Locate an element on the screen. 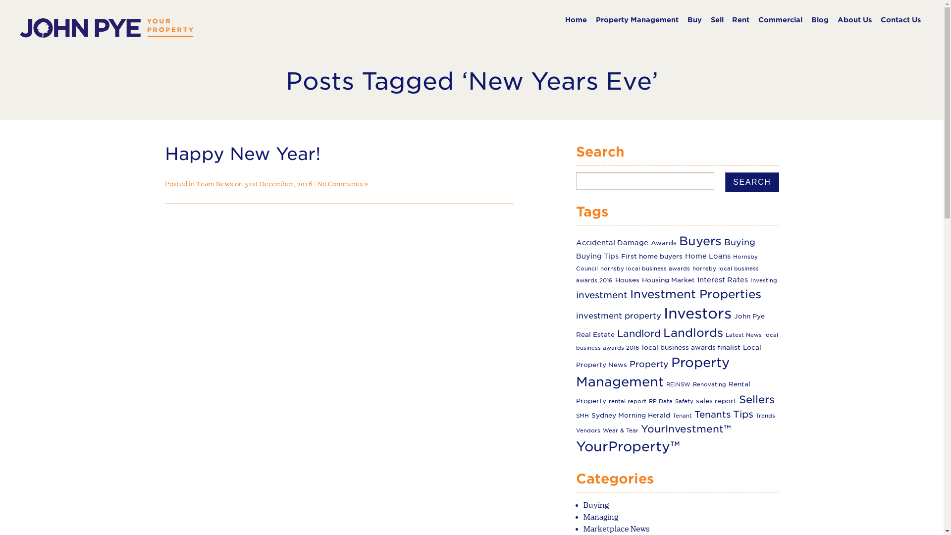  'Investors' is located at coordinates (697, 313).